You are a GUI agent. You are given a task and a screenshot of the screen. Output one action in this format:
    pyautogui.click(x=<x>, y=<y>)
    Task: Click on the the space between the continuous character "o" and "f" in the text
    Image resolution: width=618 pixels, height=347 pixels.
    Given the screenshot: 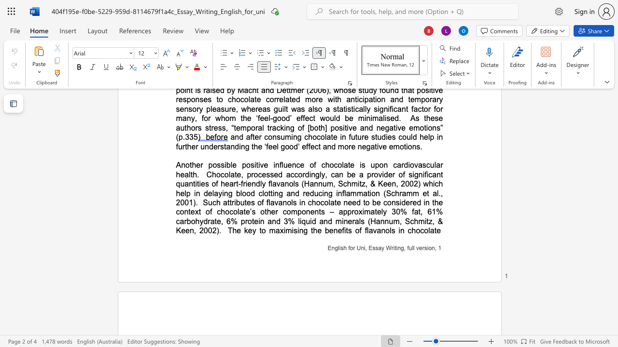 What is the action you would take?
    pyautogui.click(x=358, y=230)
    